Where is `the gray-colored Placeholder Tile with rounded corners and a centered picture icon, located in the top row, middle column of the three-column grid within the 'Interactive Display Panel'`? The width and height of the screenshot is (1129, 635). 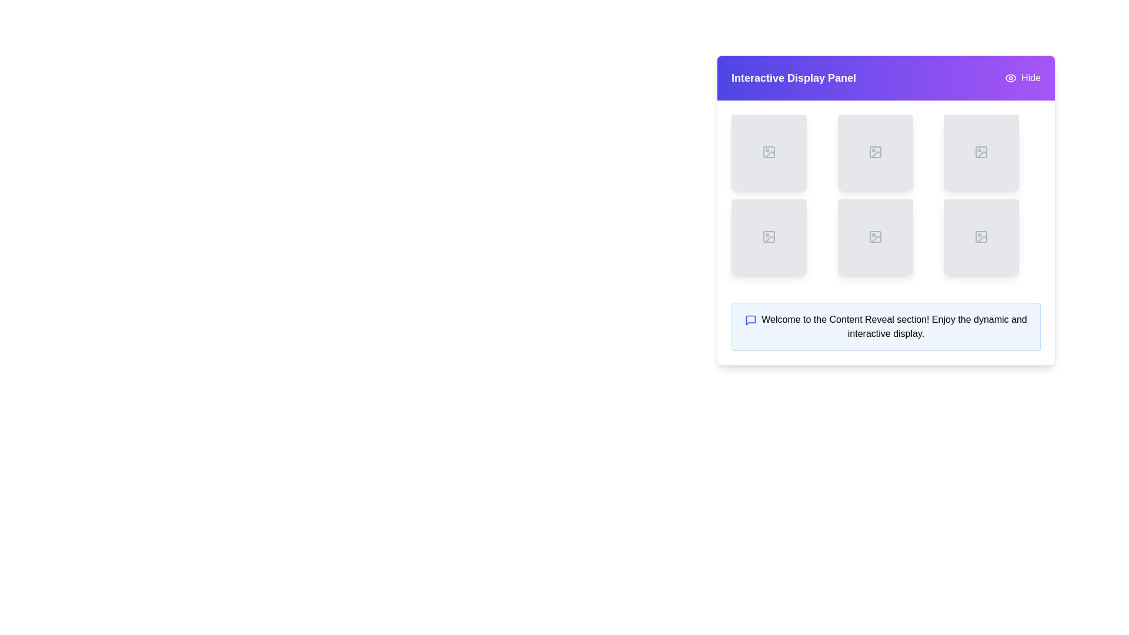
the gray-colored Placeholder Tile with rounded corners and a centered picture icon, located in the top row, middle column of the three-column grid within the 'Interactive Display Panel' is located at coordinates (875, 151).